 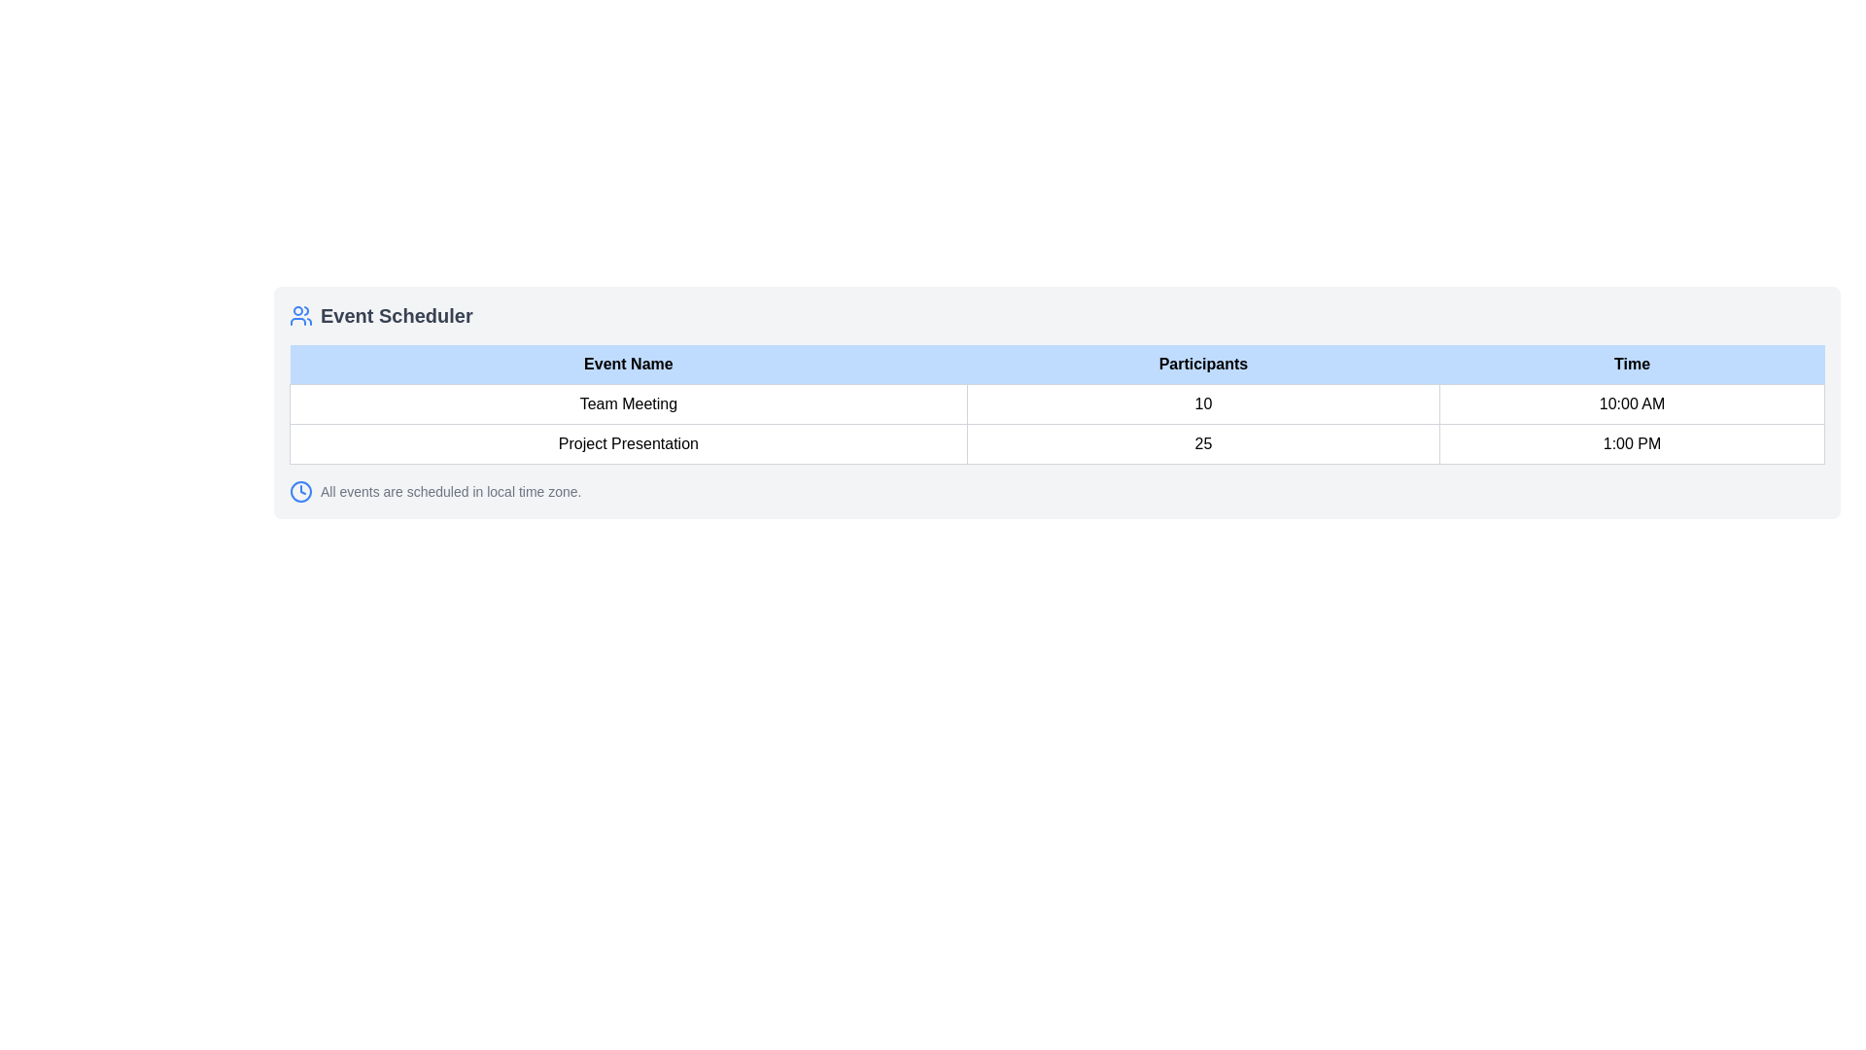 What do you see at coordinates (1202, 365) in the screenshot?
I see `the Table Header Cell that represents the category for displaying the number of participants in the table, located between the 'Event Name' and 'Time' elements` at bounding box center [1202, 365].